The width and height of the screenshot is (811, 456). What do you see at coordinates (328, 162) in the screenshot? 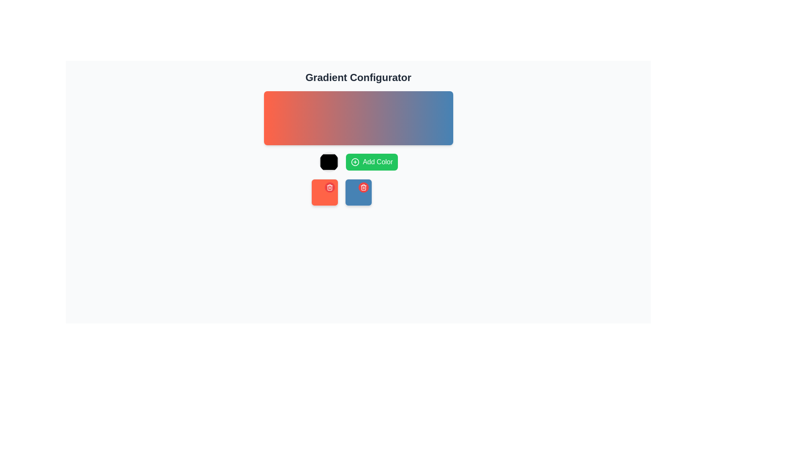
I see `the Color Picker Swatch located slightly below the 'Gradient Configurator' title and gradient bar` at bounding box center [328, 162].